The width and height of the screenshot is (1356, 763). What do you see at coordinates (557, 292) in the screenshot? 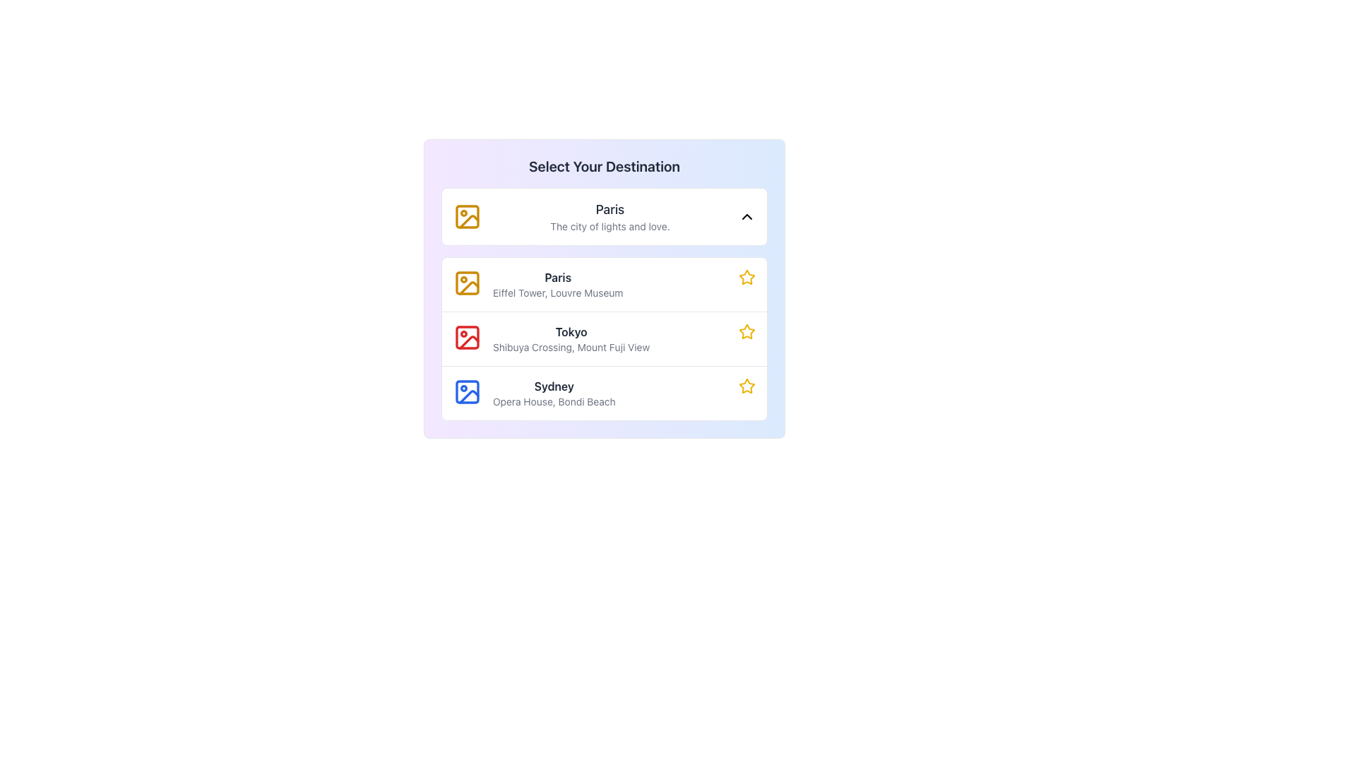
I see `descriptive text label located below the main heading 'Paris' in the second list item of the destinations` at bounding box center [557, 292].